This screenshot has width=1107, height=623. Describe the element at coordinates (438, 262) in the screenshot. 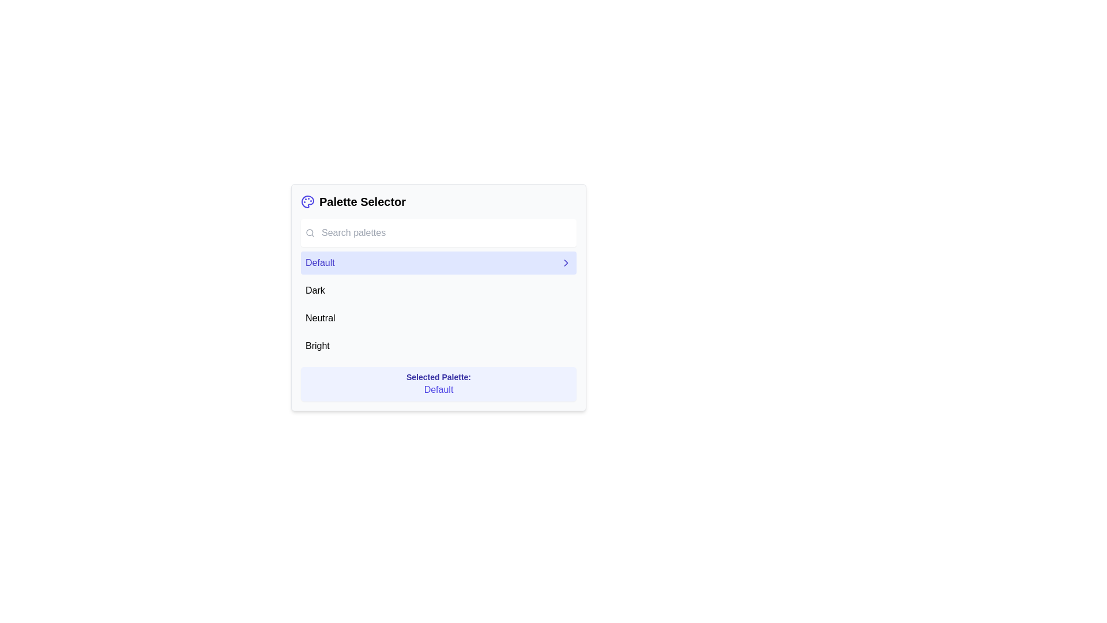

I see `the navigation button for selecting the 'Default' palette, which is the first option in the vertical list below the search bar` at that location.